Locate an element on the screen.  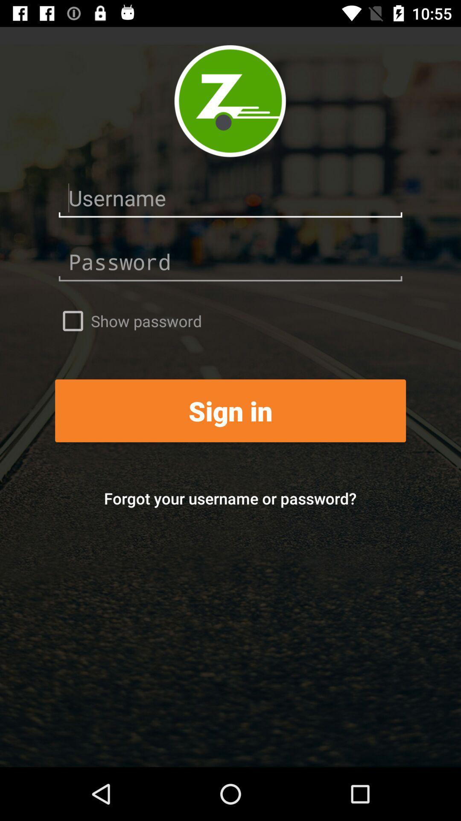
username entry is located at coordinates (230, 198).